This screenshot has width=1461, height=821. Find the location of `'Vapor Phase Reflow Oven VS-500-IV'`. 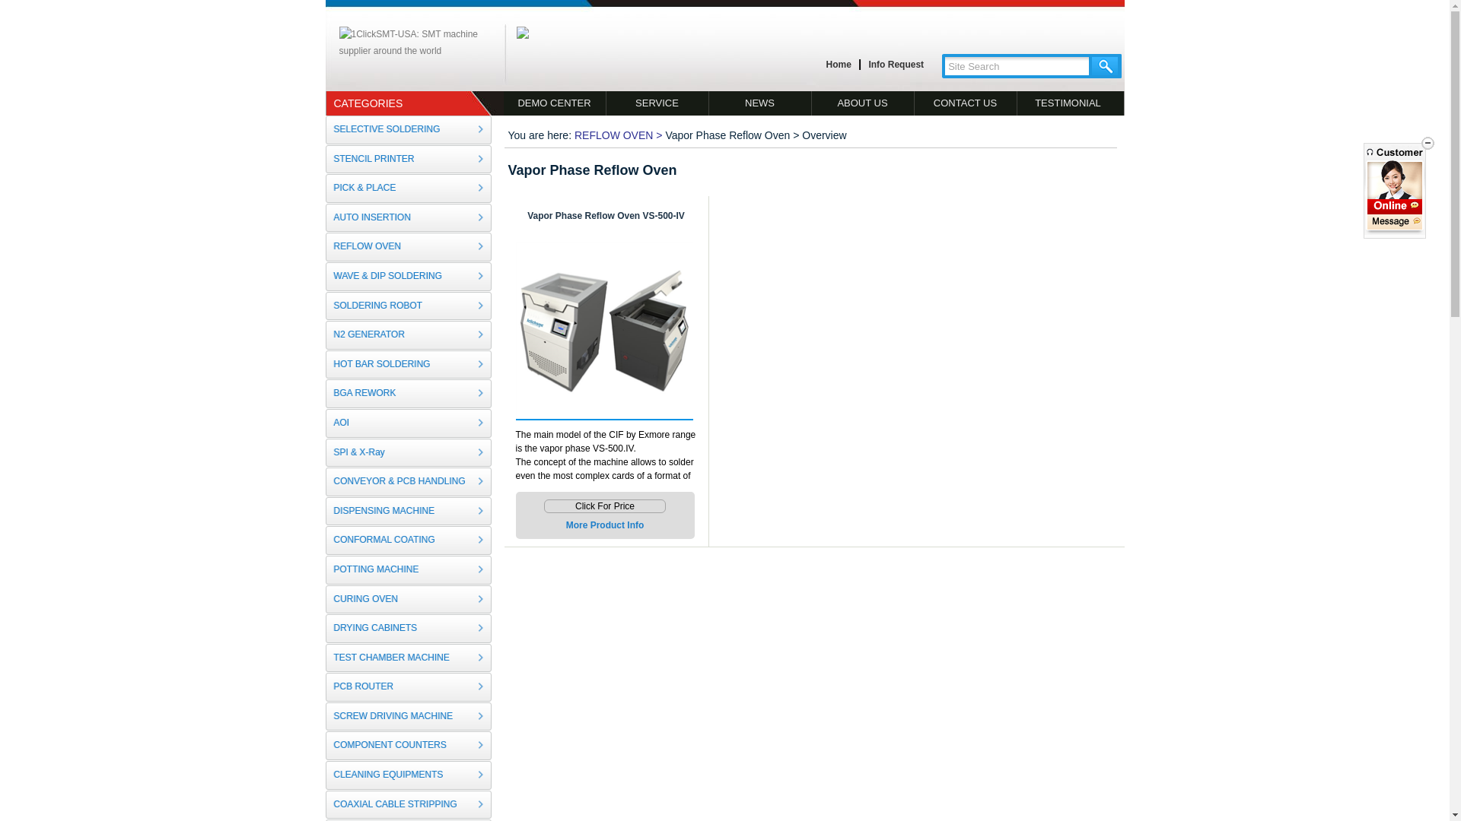

'Vapor Phase Reflow Oven VS-500-IV' is located at coordinates (605, 216).